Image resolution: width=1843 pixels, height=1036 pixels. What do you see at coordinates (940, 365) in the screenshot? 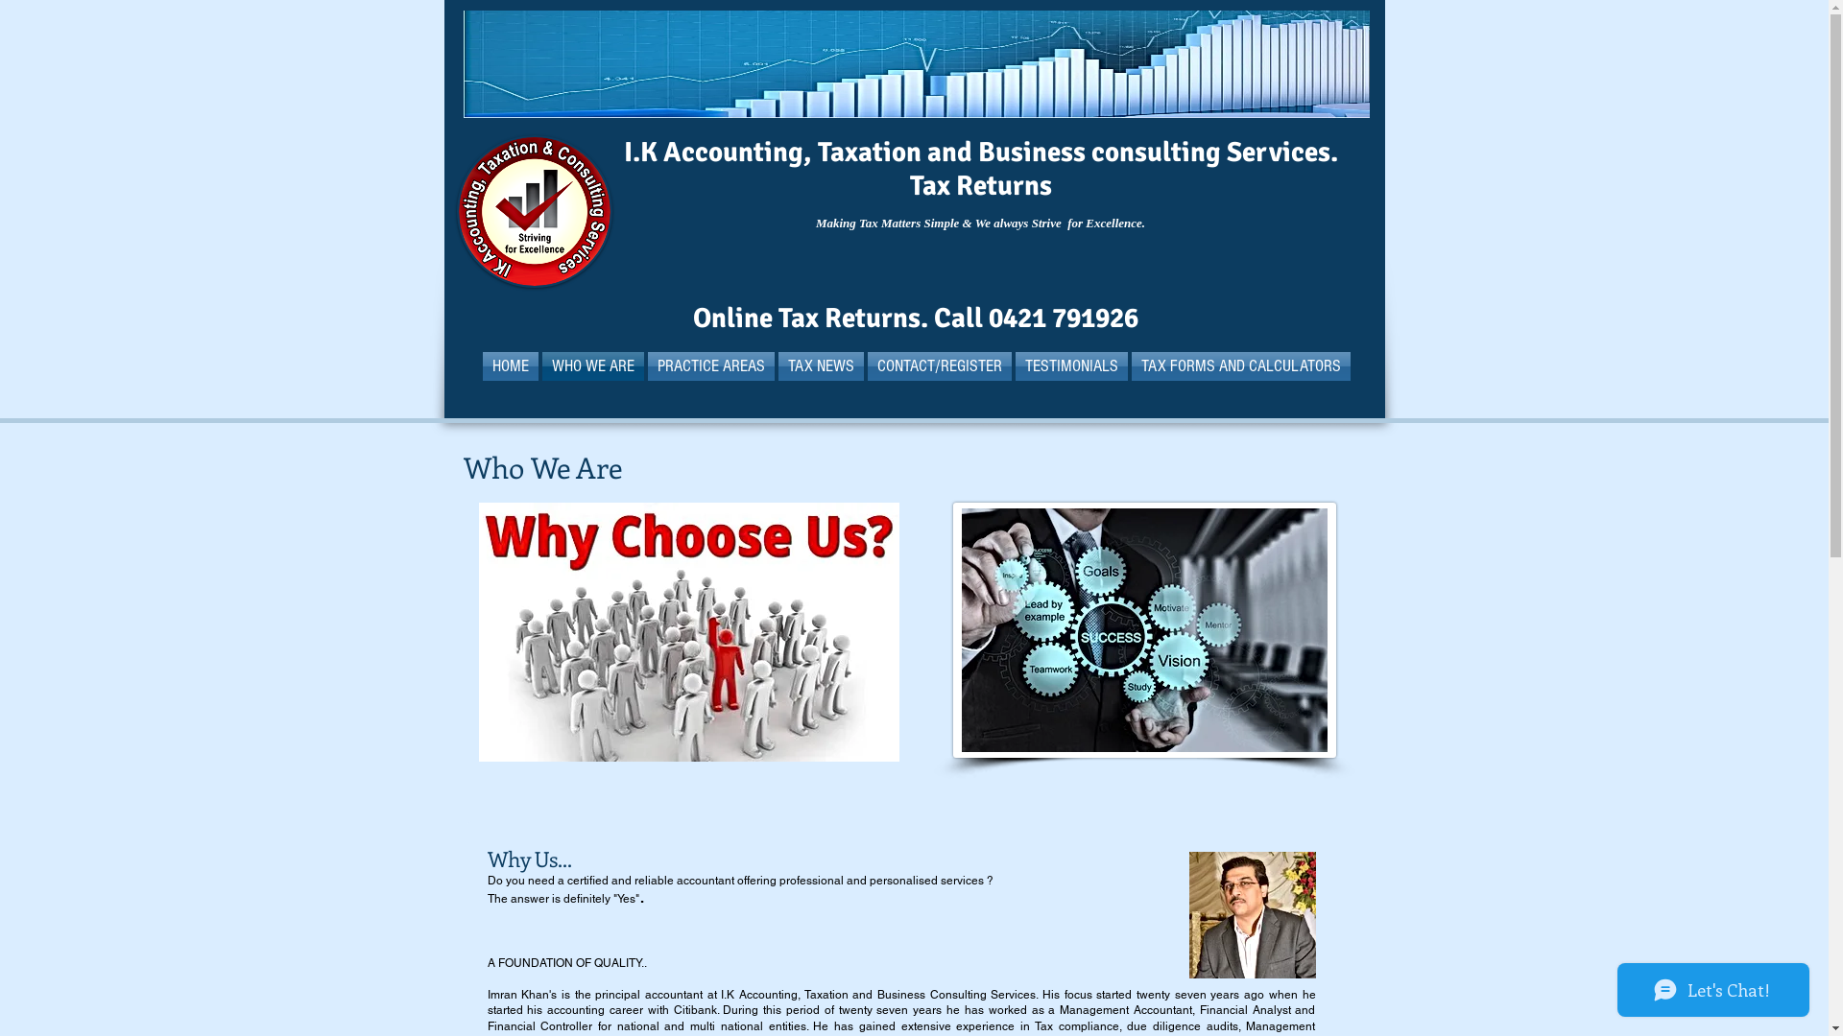
I see `'CONTACT/REGISTER'` at bounding box center [940, 365].